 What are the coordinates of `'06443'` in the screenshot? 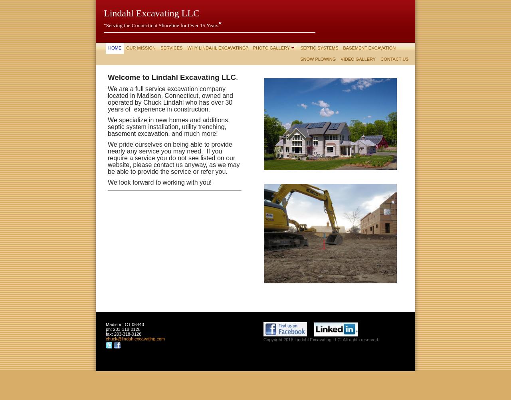 It's located at (137, 324).